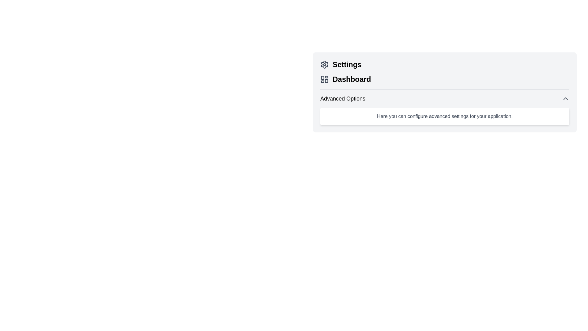 Image resolution: width=588 pixels, height=331 pixels. What do you see at coordinates (445, 89) in the screenshot?
I see `the thin horizontal light gray separator line located under the 'Dashboard' section and above the 'Advanced Options' section` at bounding box center [445, 89].